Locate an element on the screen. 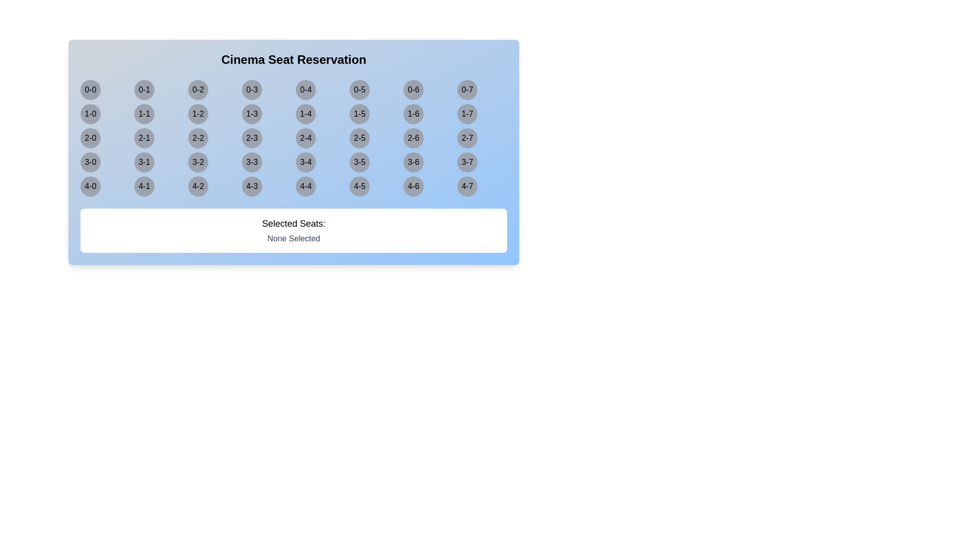 The height and width of the screenshot is (543, 966). the interactive button representing a selectable seat in the cinema reservation system is located at coordinates (91, 89).